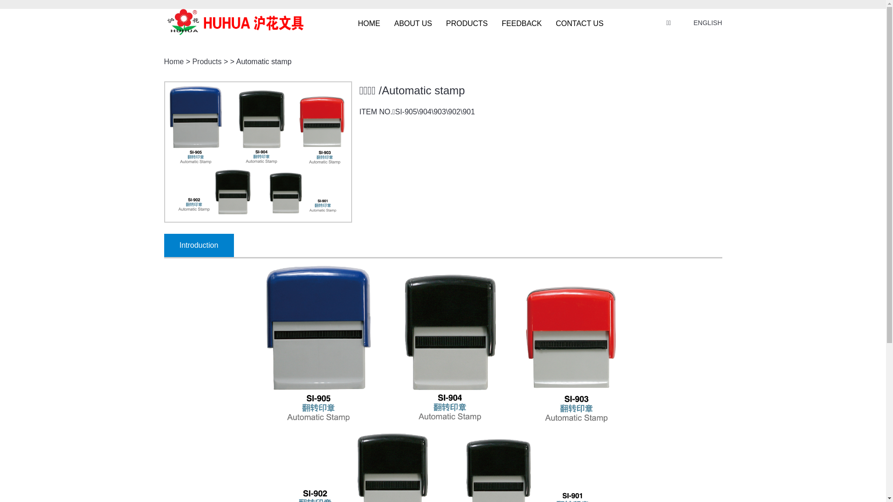 This screenshot has width=893, height=502. I want to click on 'ABOUT US', so click(413, 23).